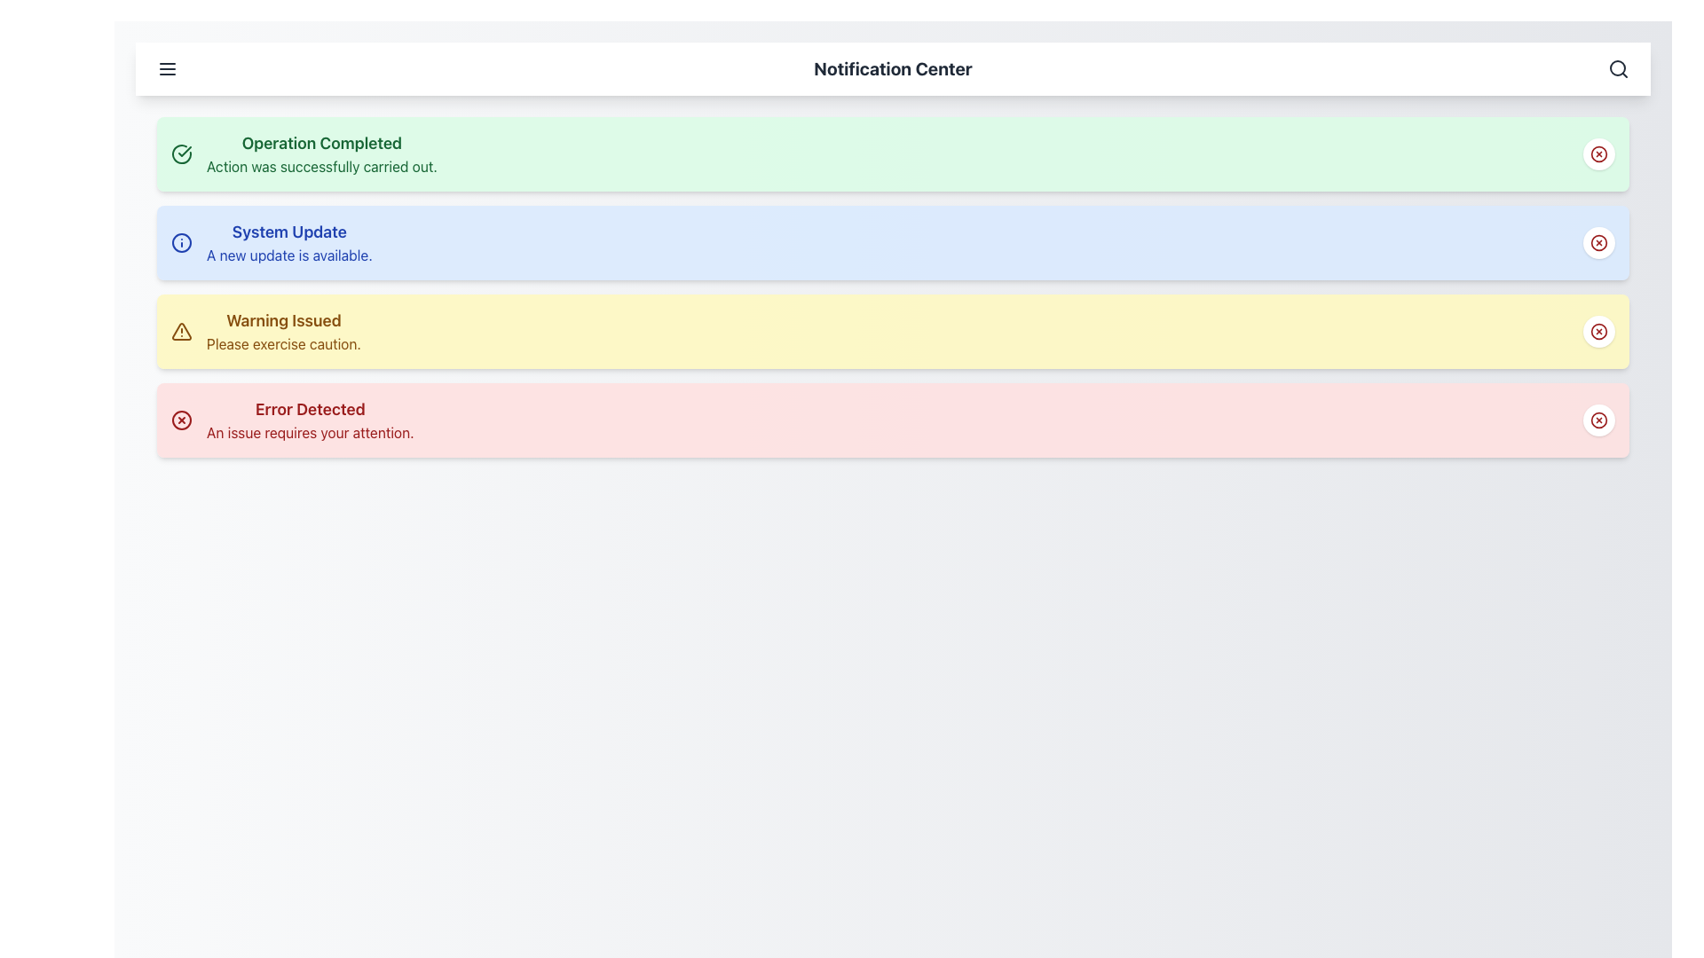  I want to click on the Text Label conveying the system notification message about the availability of a new update, located under the title 'System Update' in the blue notification card, so click(289, 255).